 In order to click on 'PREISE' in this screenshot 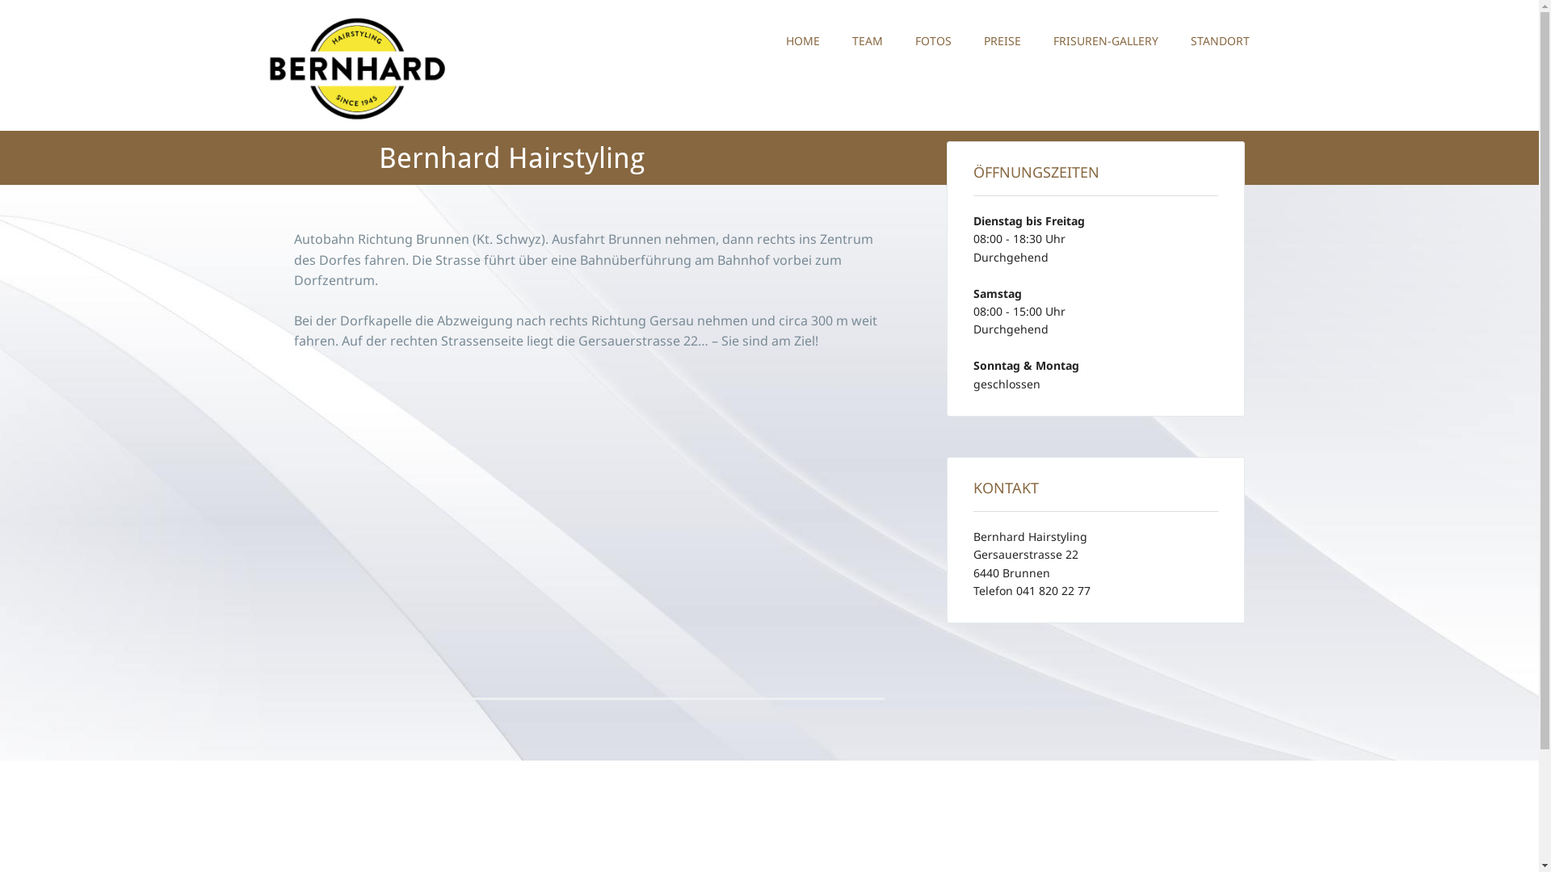, I will do `click(968, 40)`.